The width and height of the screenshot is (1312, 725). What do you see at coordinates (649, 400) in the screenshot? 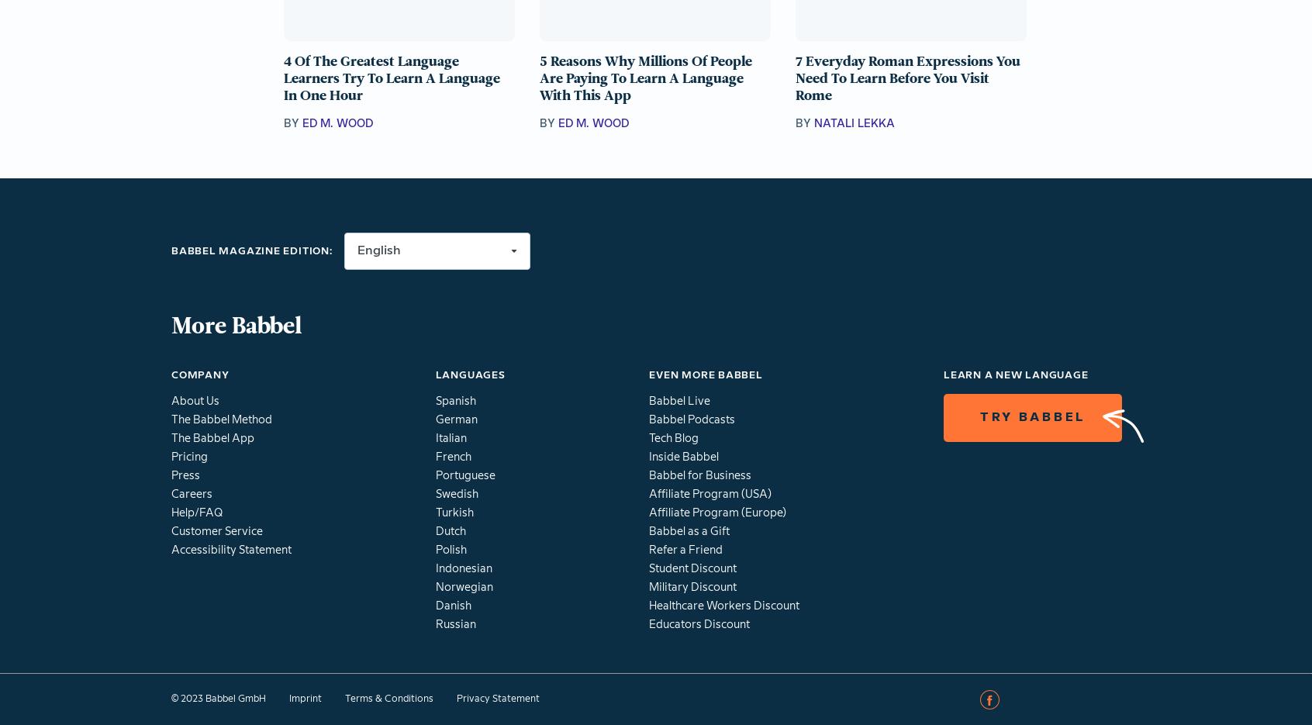
I see `'Babbel Live'` at bounding box center [649, 400].